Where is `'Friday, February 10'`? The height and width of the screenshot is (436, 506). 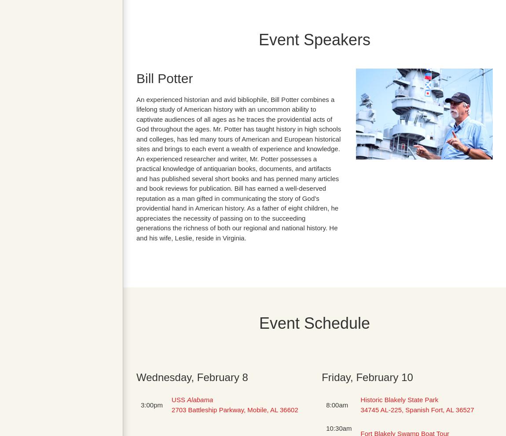 'Friday, February 10' is located at coordinates (367, 377).